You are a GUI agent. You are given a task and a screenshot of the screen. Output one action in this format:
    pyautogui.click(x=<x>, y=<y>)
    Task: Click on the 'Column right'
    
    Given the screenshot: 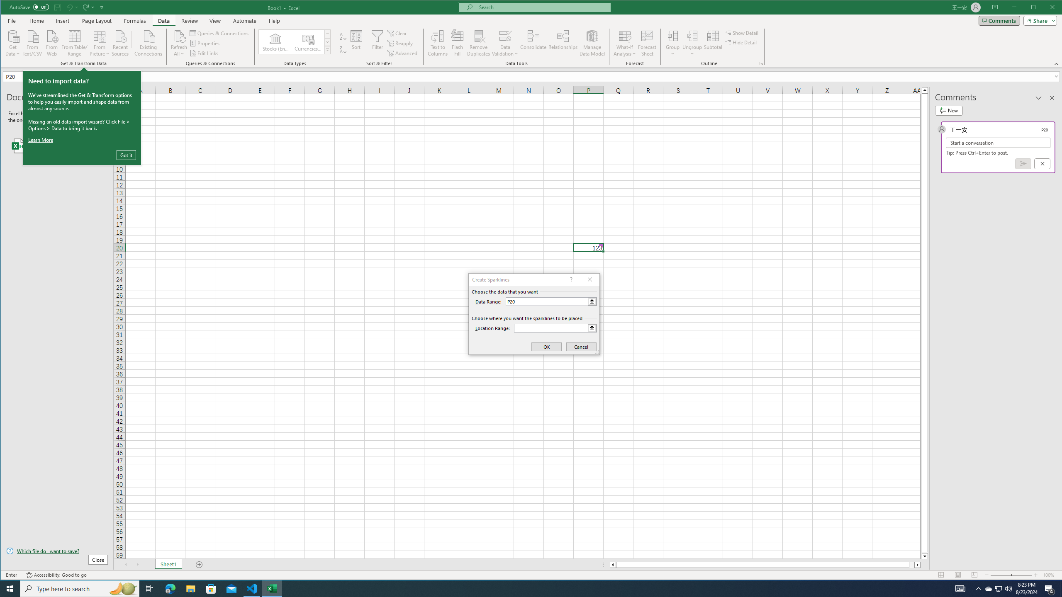 What is the action you would take?
    pyautogui.click(x=918, y=565)
    